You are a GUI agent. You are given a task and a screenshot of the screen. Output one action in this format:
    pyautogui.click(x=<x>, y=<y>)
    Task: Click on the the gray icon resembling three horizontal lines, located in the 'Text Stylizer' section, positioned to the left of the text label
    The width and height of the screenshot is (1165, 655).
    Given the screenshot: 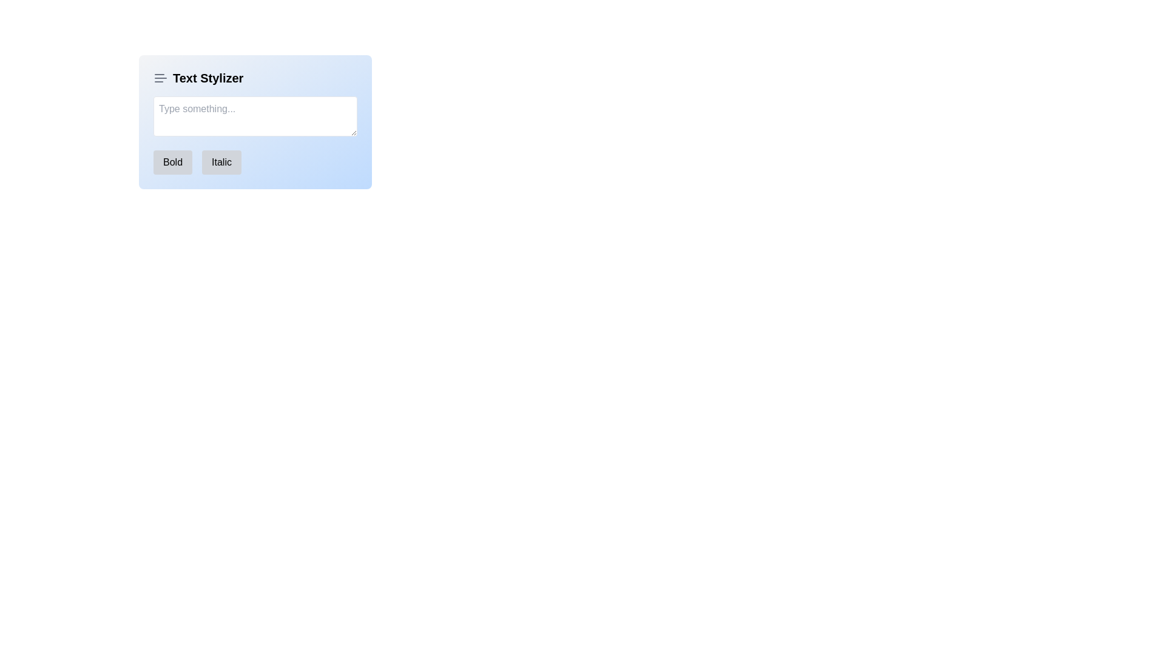 What is the action you would take?
    pyautogui.click(x=160, y=78)
    